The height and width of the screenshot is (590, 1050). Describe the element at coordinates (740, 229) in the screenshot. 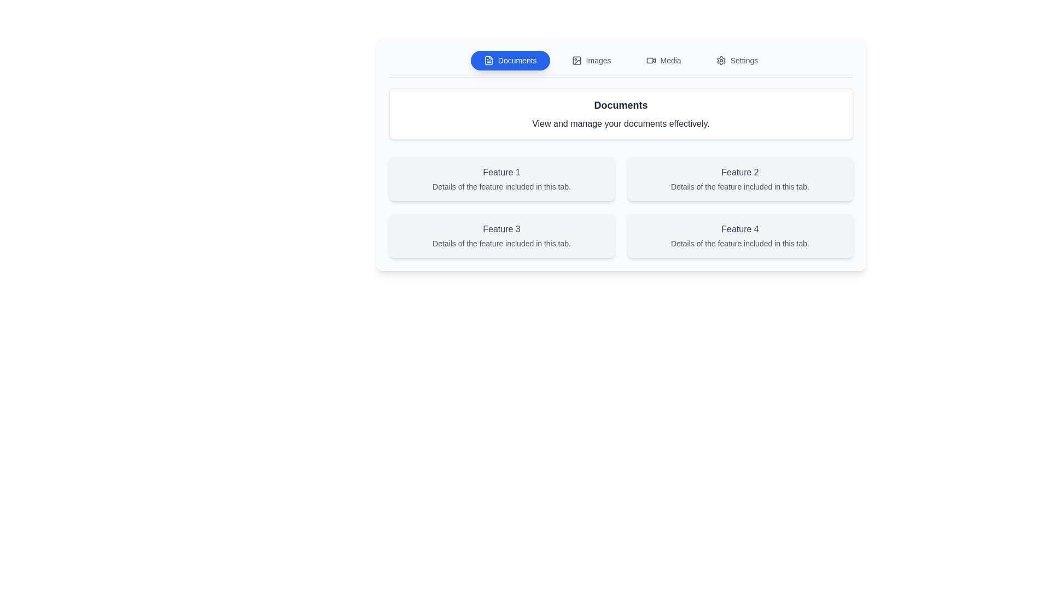

I see `the Text label that provides the title or label for the feature section, located in the bottom-right box of the grid in the central area of the interface` at that location.